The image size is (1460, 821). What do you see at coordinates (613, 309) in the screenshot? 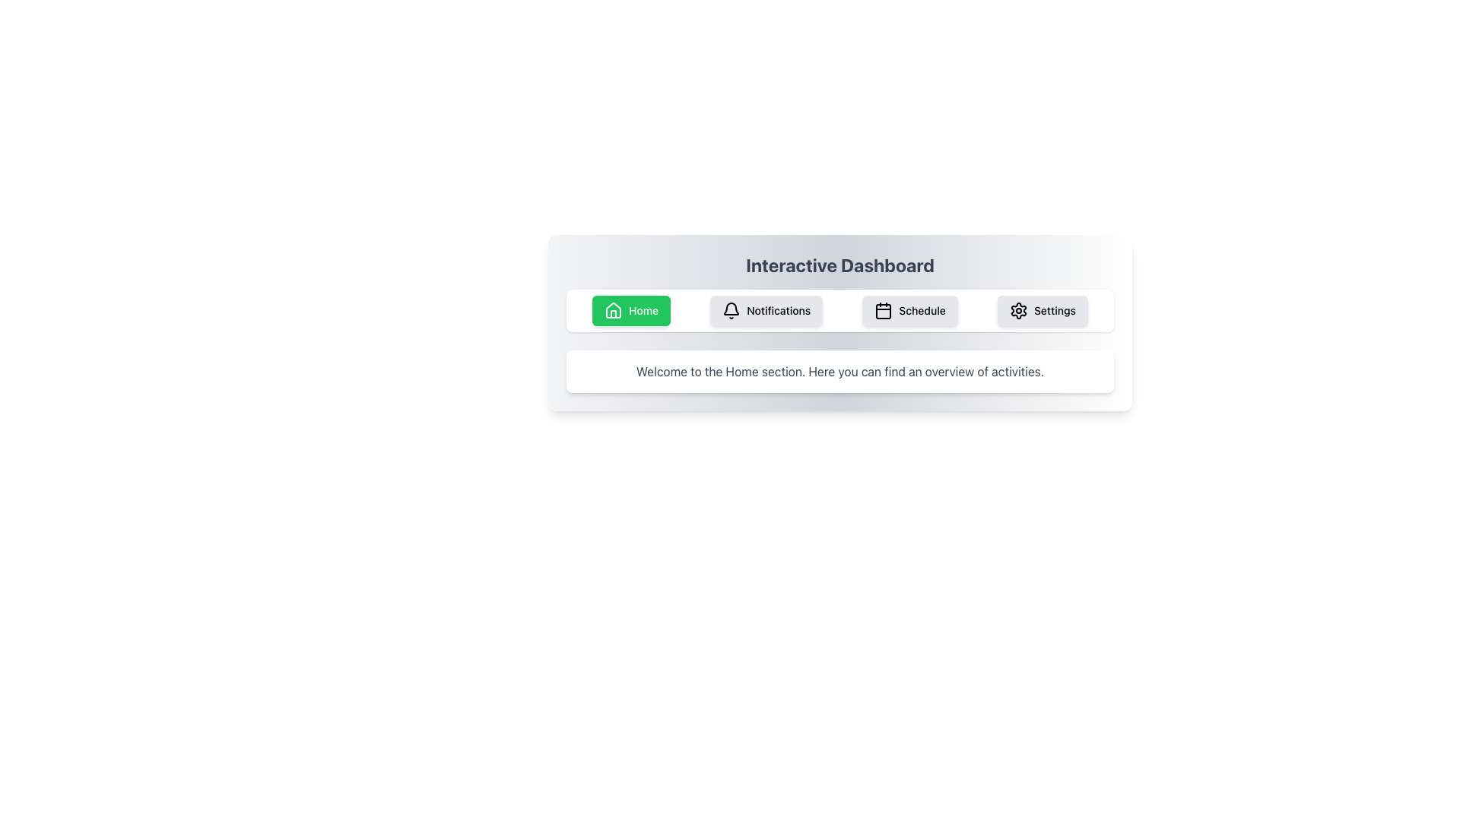
I see `the 'Home' button icon, which is an SVG representation of a house located in the navigation bar` at bounding box center [613, 309].